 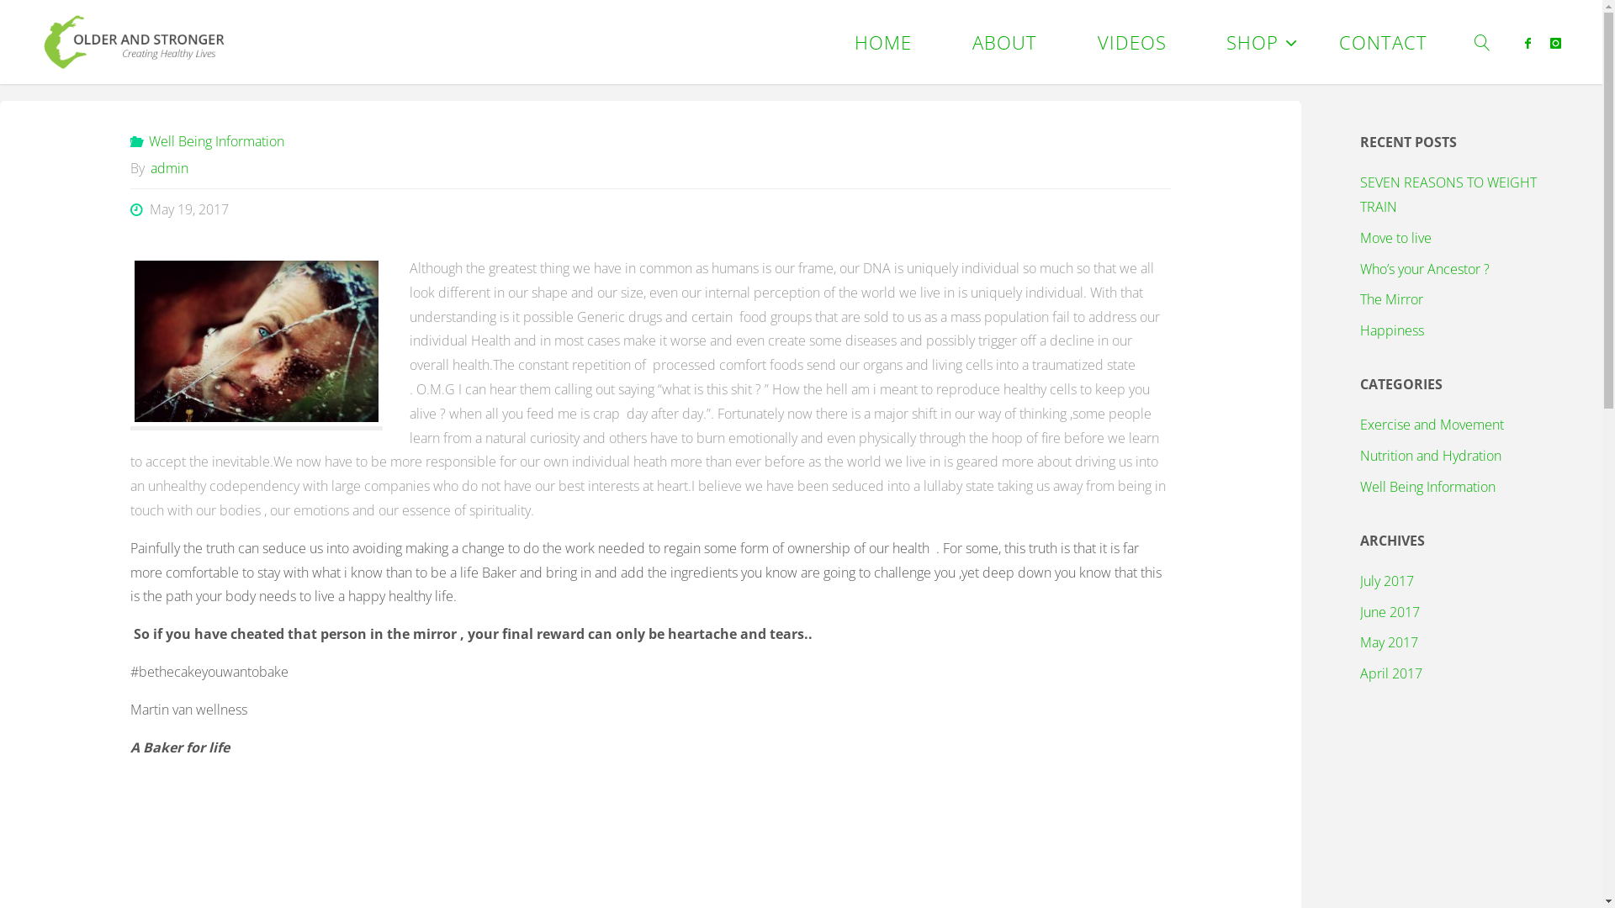 What do you see at coordinates (1390, 612) in the screenshot?
I see `'June 2017'` at bounding box center [1390, 612].